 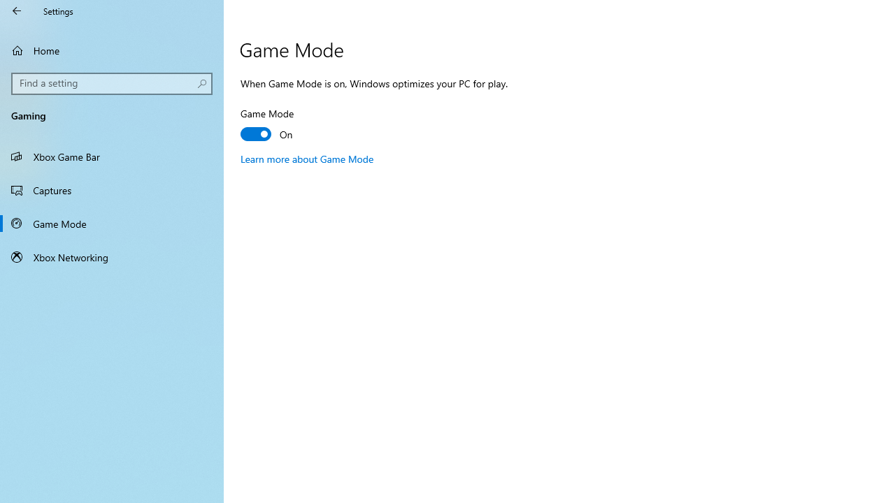 I want to click on 'Search box, Find a setting', so click(x=112, y=83).